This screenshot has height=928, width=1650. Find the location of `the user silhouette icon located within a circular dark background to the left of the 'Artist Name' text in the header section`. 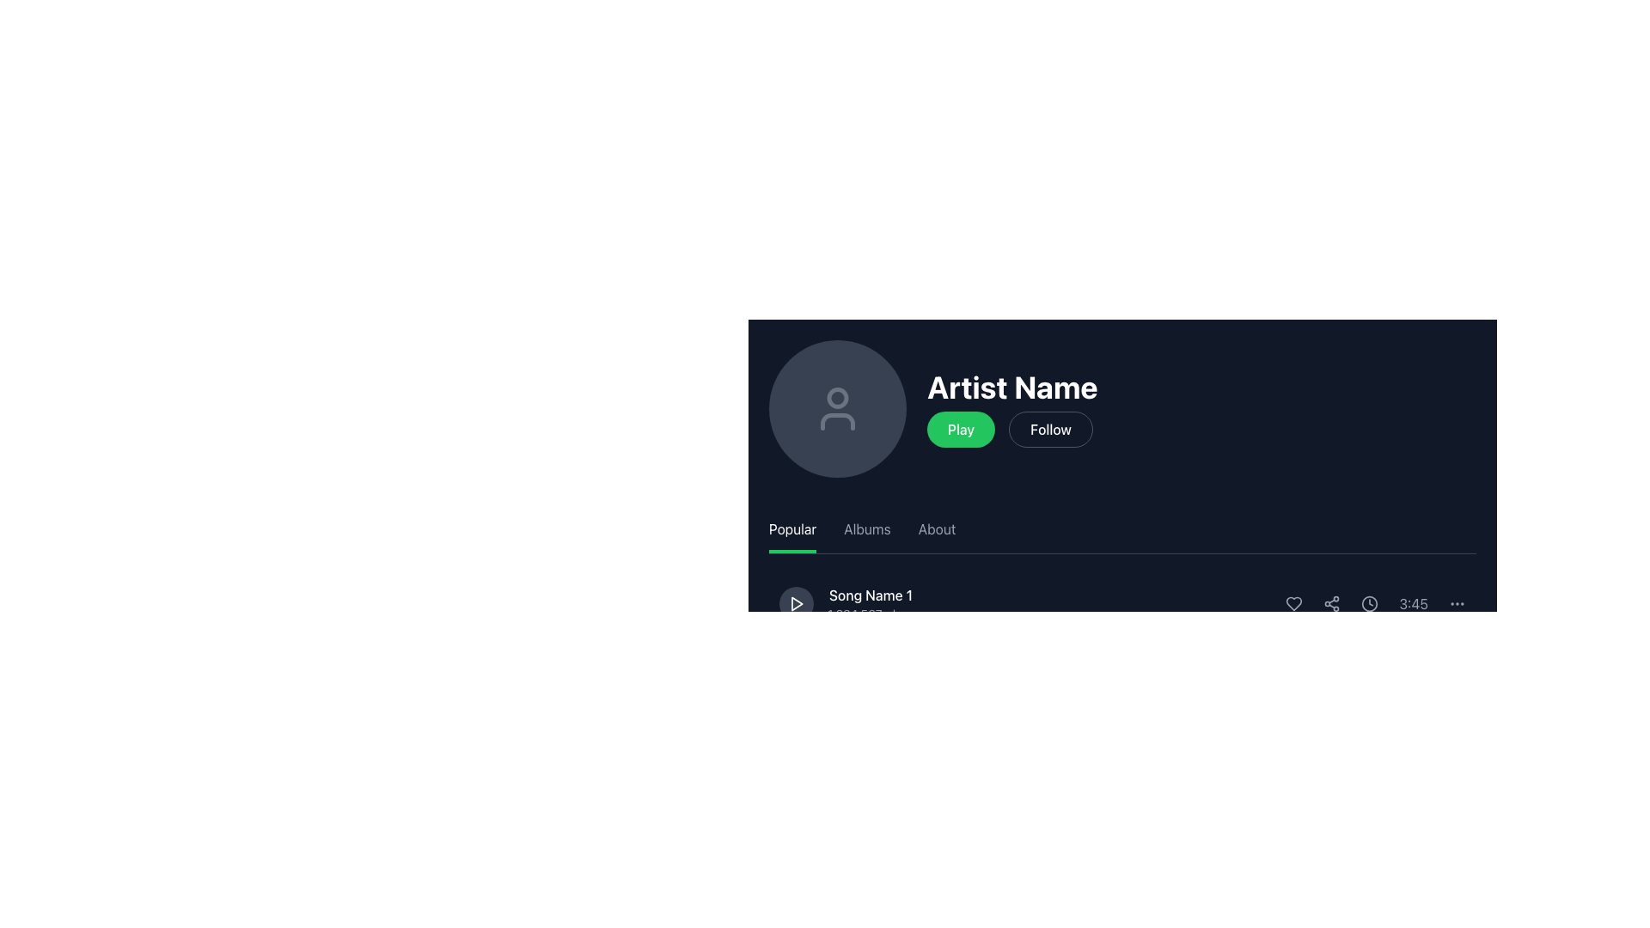

the user silhouette icon located within a circular dark background to the left of the 'Artist Name' text in the header section is located at coordinates (837, 408).